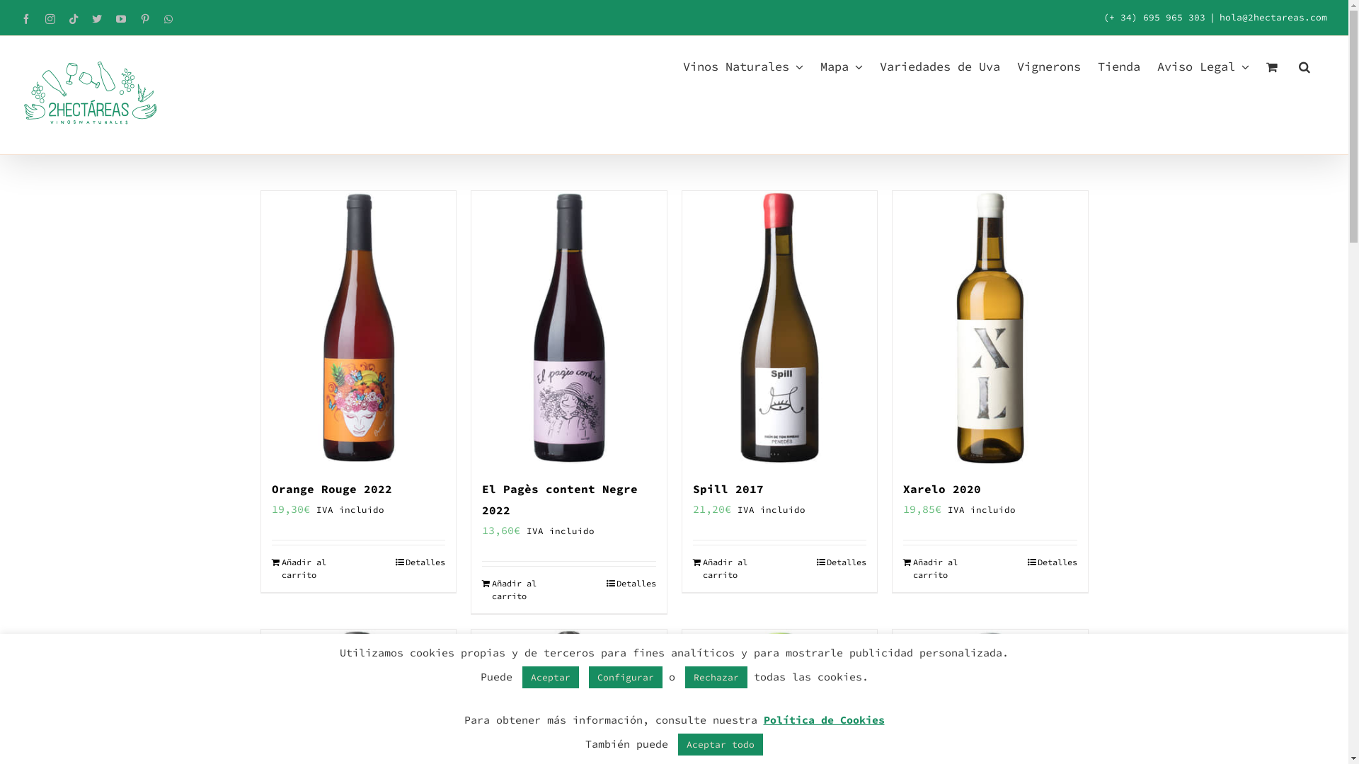  I want to click on 'Orange Rouge 2022', so click(331, 487).